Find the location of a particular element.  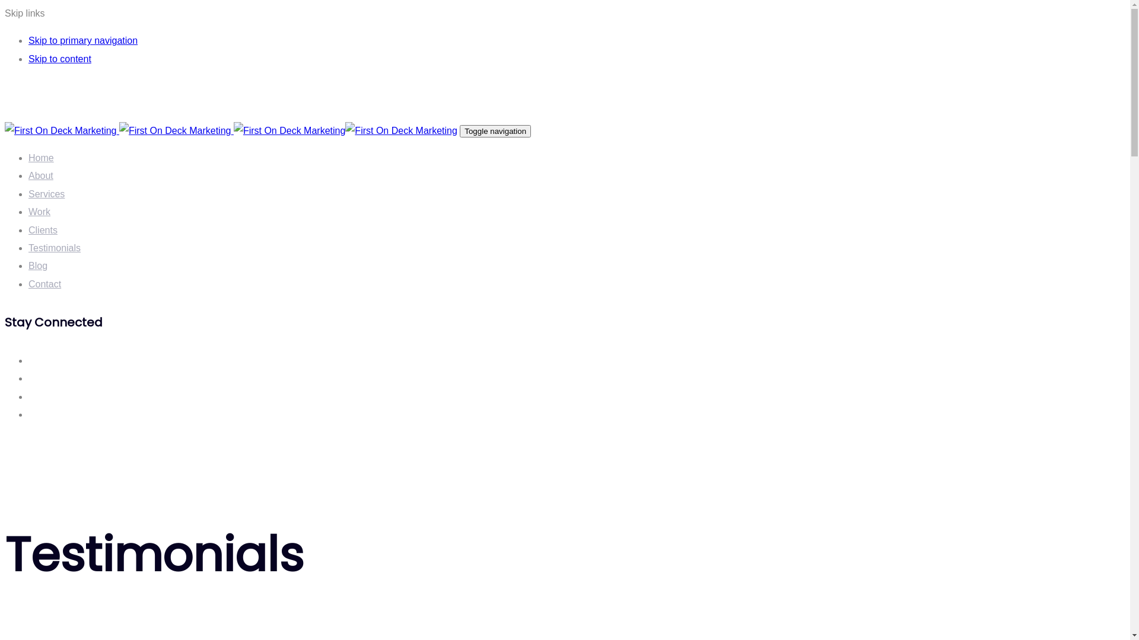

'Skip to content' is located at coordinates (59, 59).